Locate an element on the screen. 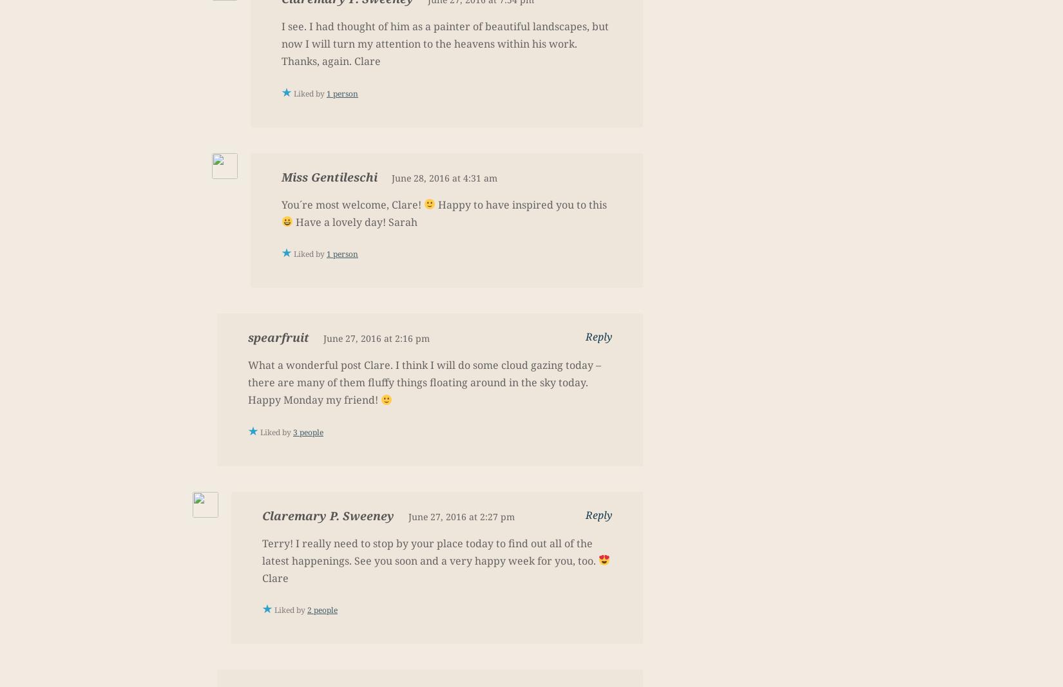  'June 27, 2016 at 2:16 pm' is located at coordinates (322, 337).